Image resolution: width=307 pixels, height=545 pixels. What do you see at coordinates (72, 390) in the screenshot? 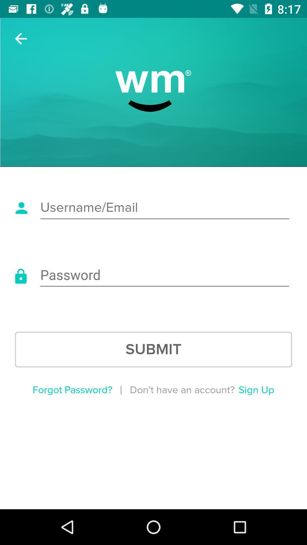
I see `forgot password?` at bounding box center [72, 390].